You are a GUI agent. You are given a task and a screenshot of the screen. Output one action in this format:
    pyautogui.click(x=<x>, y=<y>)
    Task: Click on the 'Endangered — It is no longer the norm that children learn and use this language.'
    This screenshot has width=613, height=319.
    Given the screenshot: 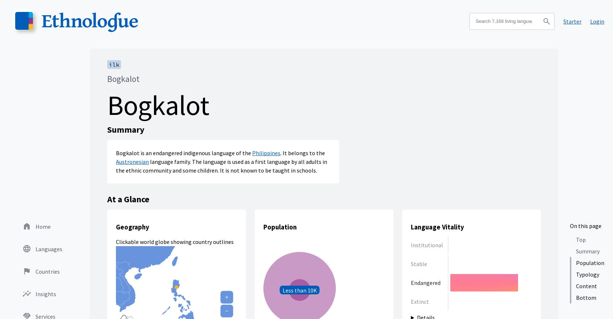 What is the action you would take?
    pyautogui.click(x=464, y=198)
    